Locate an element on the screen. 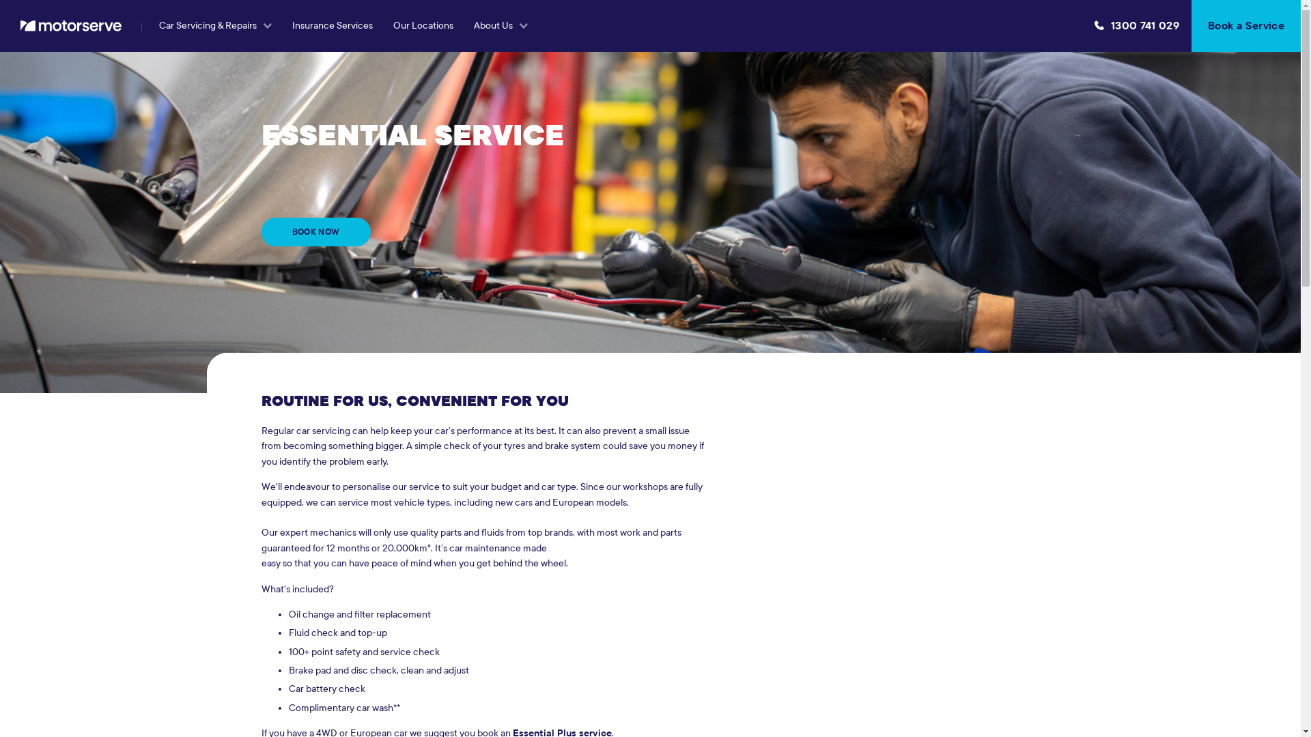 The image size is (1311, 737). 'Our Locations' is located at coordinates (422, 26).